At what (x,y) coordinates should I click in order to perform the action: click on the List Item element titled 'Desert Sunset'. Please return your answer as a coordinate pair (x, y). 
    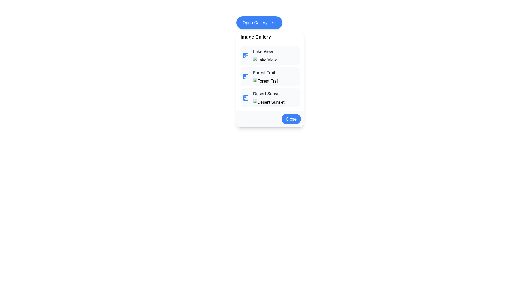
    Looking at the image, I should click on (270, 98).